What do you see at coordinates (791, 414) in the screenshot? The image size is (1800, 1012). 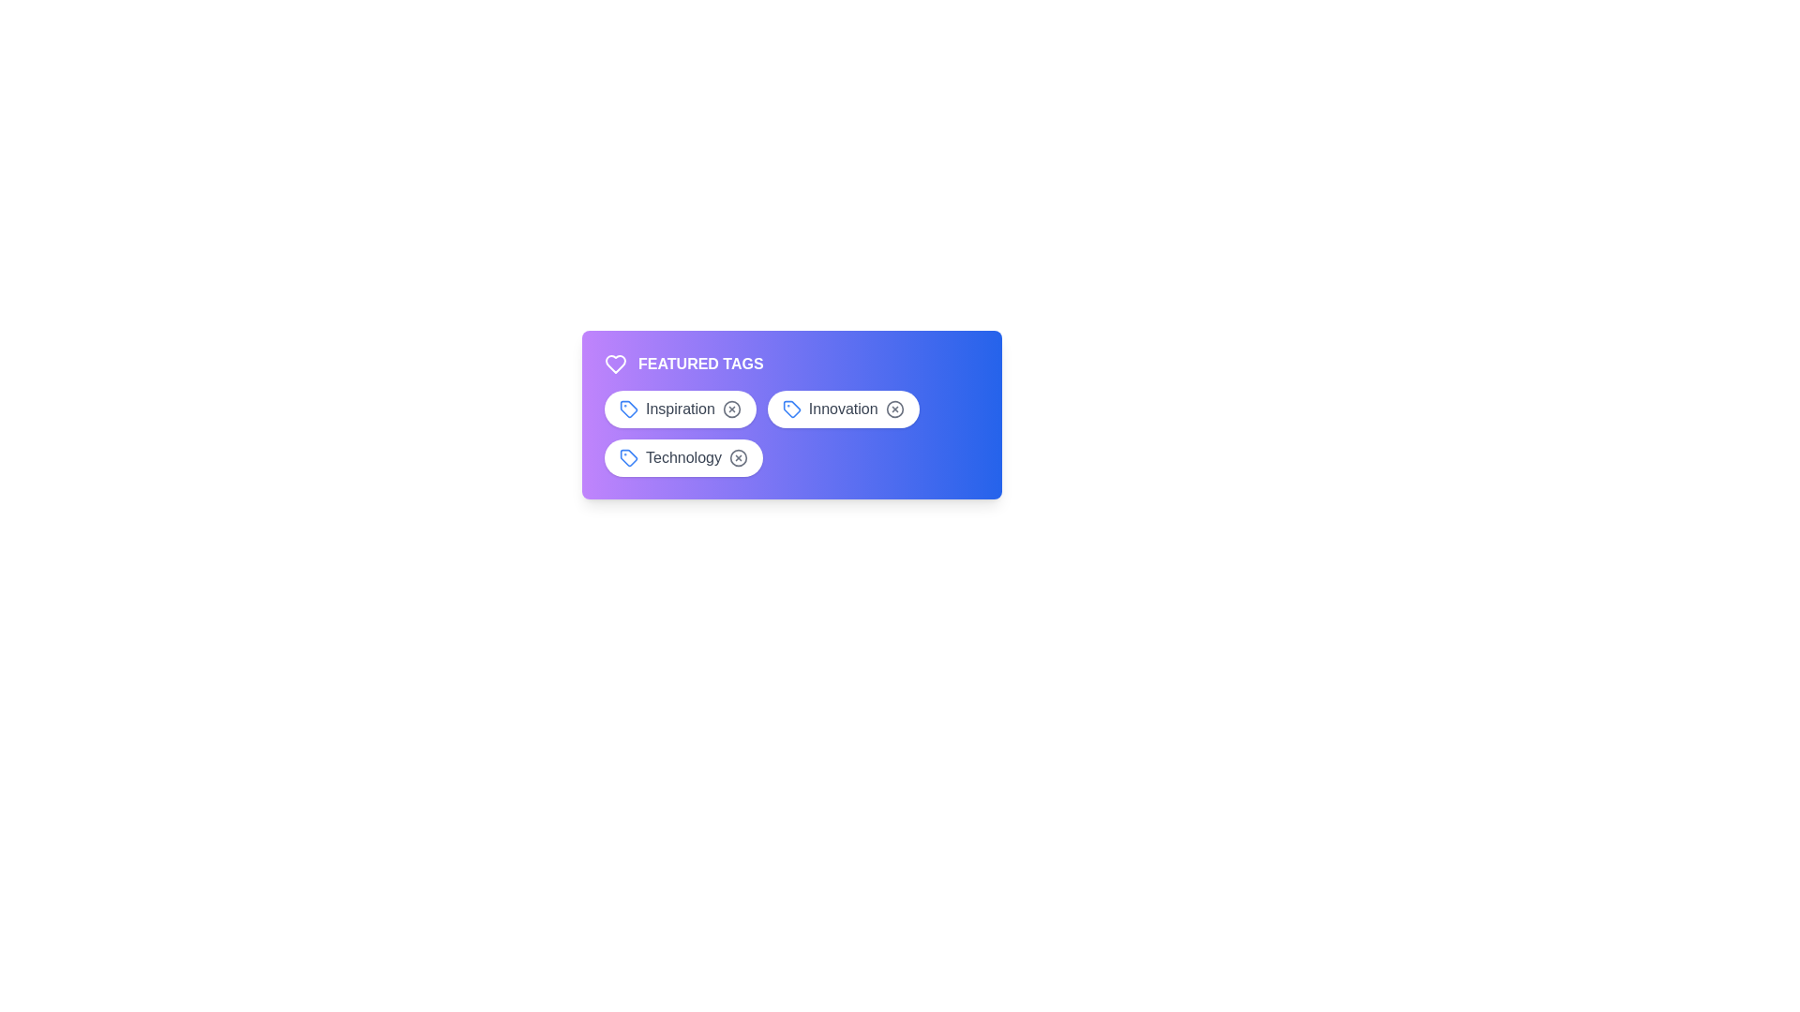 I see `the 'Innovation' tag label, which is the second tag` at bounding box center [791, 414].